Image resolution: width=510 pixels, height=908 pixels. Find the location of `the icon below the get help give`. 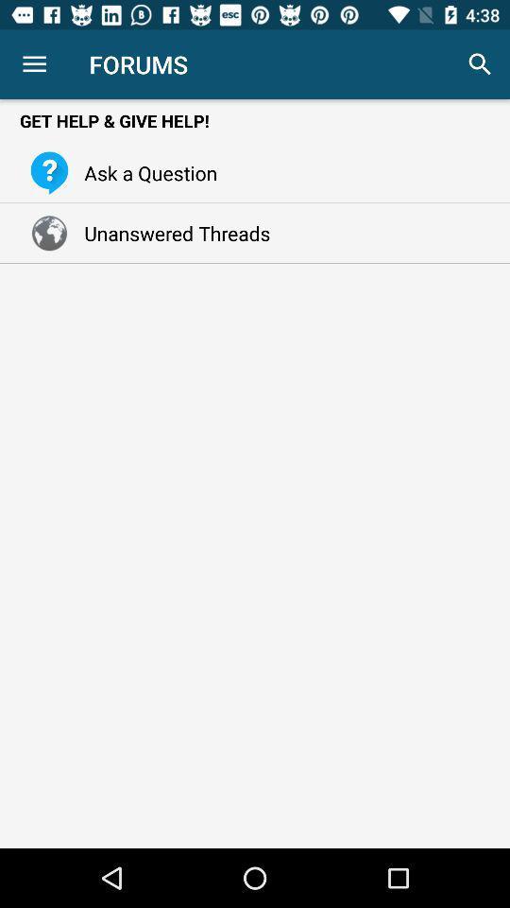

the icon below the get help give is located at coordinates (144, 172).